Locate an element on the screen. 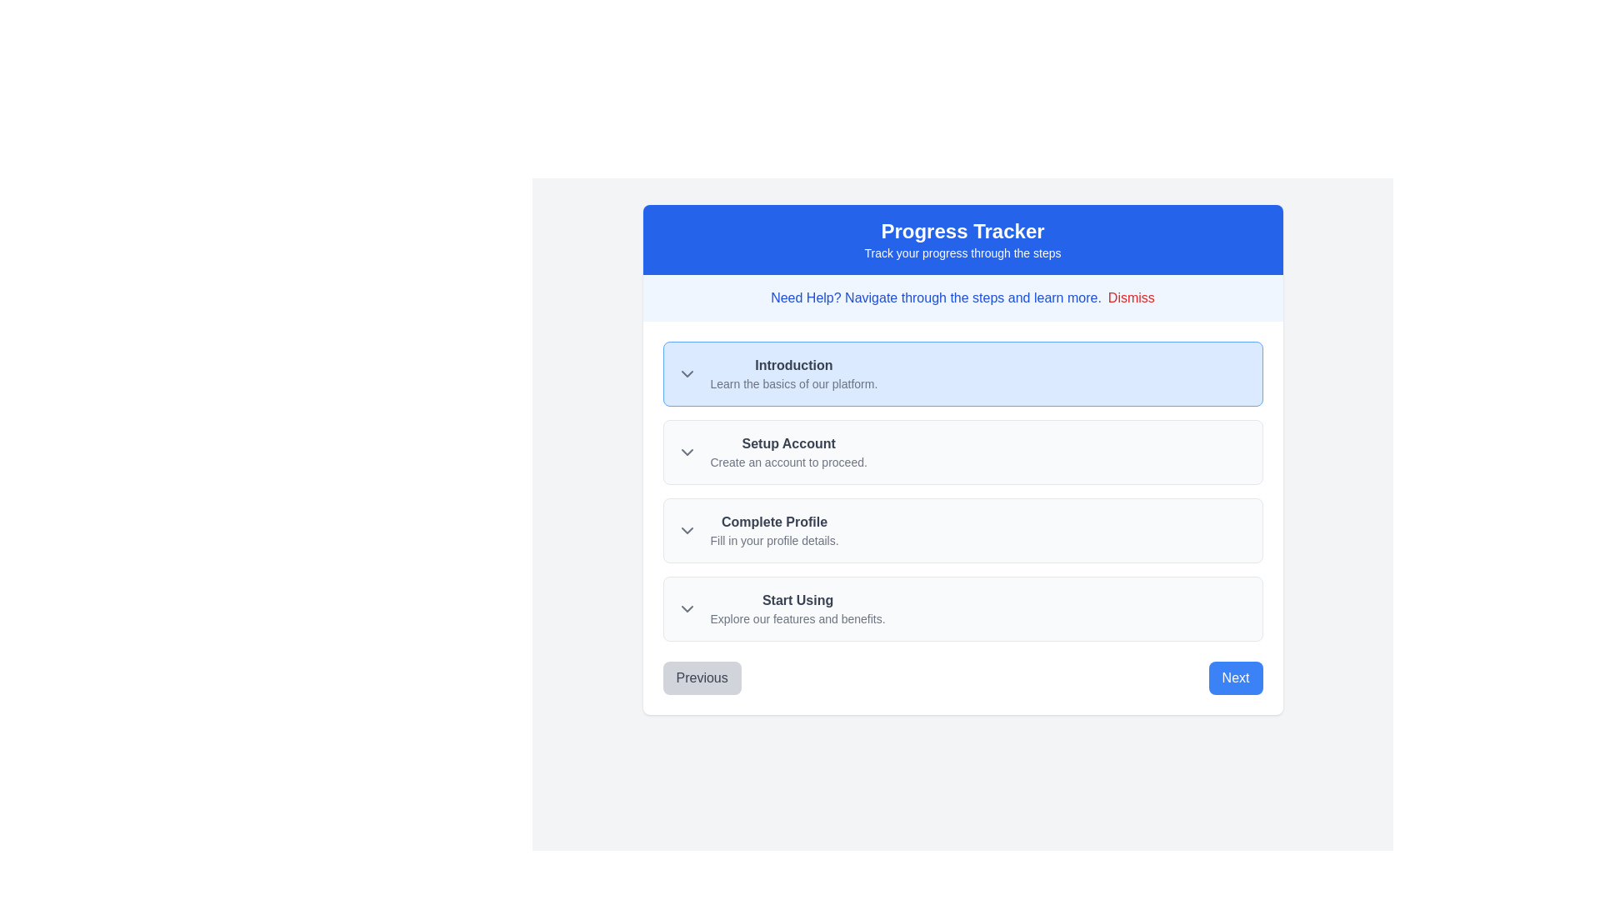  the prominent blue 'Next' button with white text is located at coordinates (1236, 677).